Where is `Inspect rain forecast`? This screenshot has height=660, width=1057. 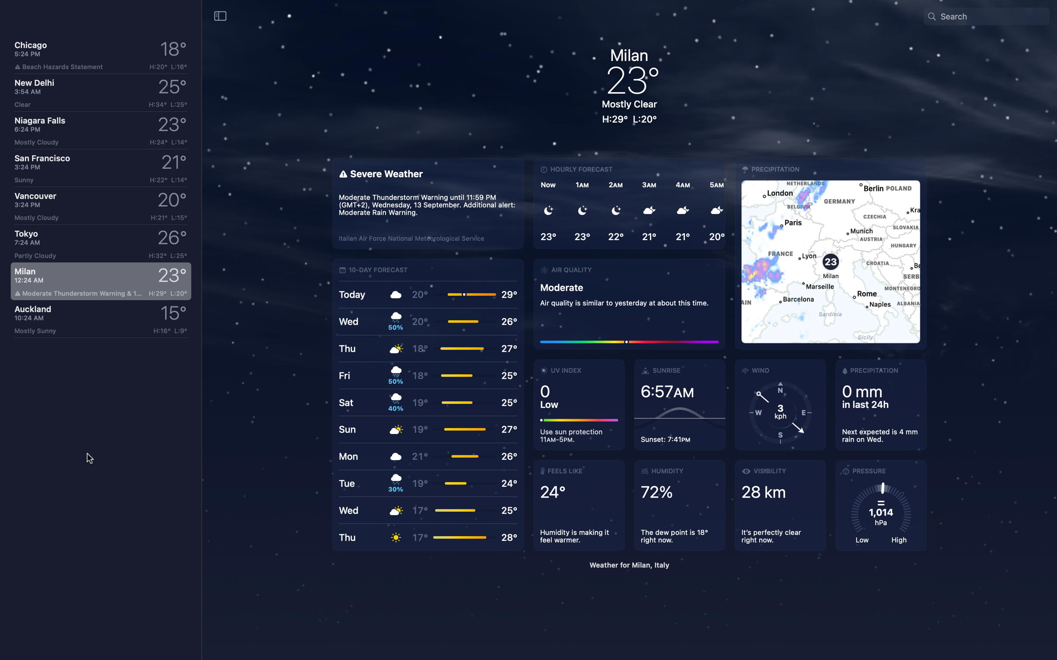 Inspect rain forecast is located at coordinates (878, 406).